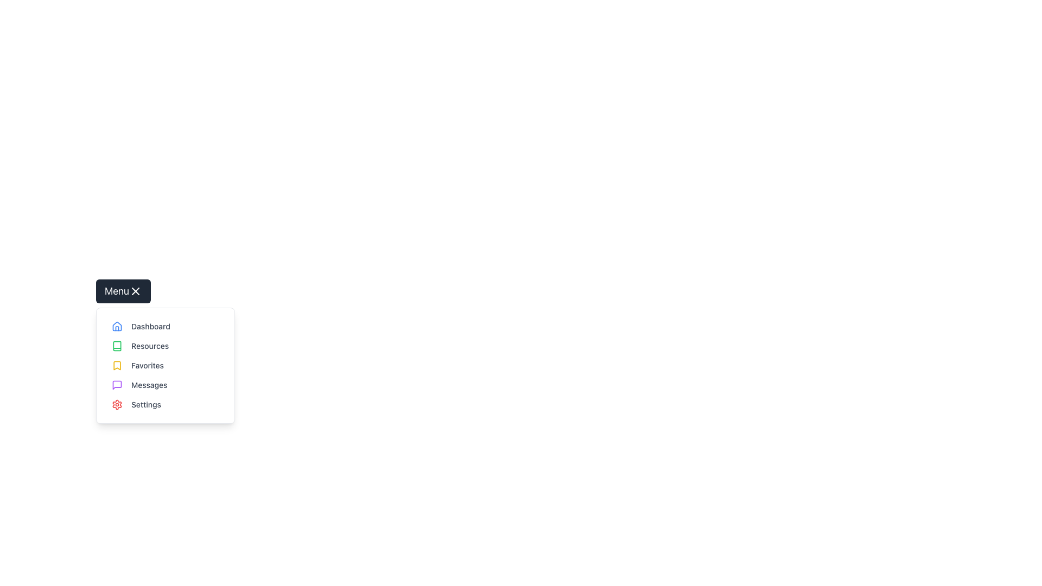 This screenshot has height=586, width=1042. I want to click on the 'Resources' menu icon located in the second row of the dropdown, adjacent to the text label 'Resources', so click(117, 346).